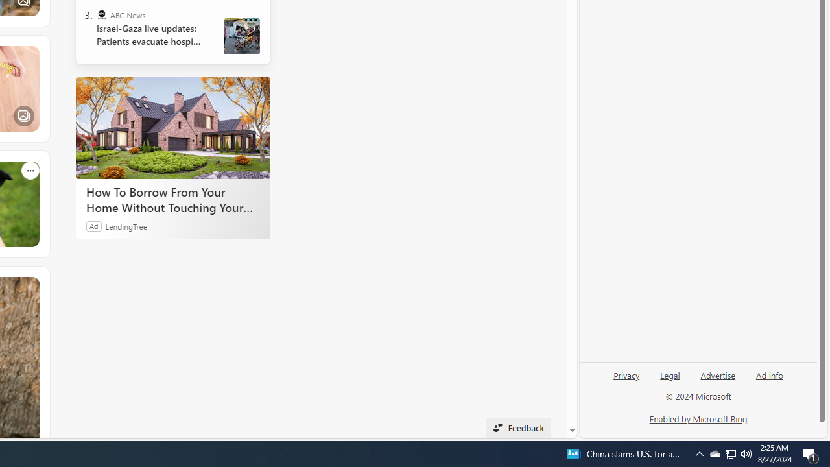 This screenshot has width=830, height=467. I want to click on 'Privacy', so click(627, 379).